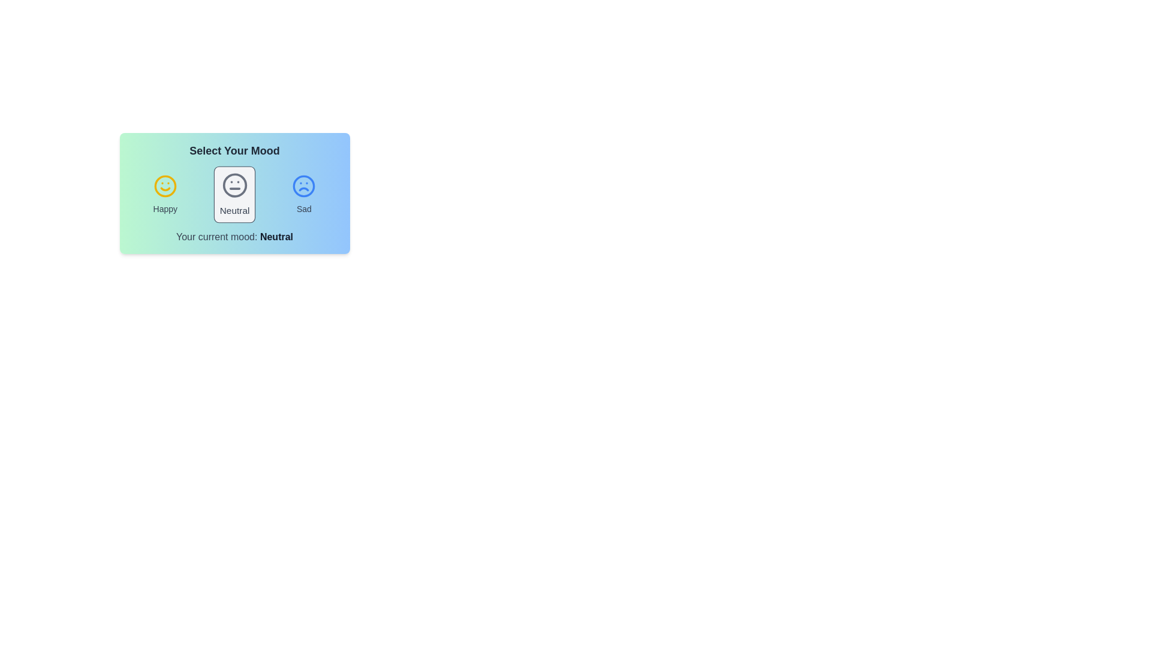 This screenshot has height=647, width=1151. I want to click on the mood icon labeled Happy to observe visual feedback, so click(164, 194).